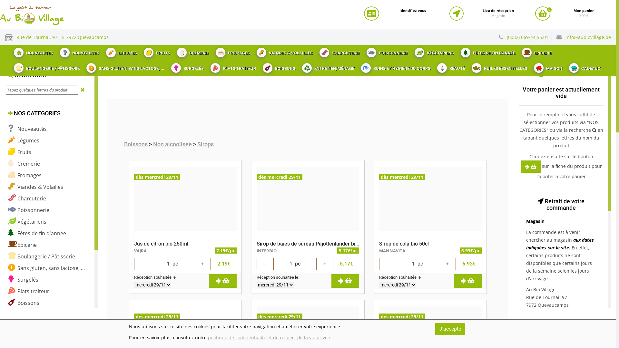 The width and height of the screenshot is (619, 348). I want to click on '0', so click(542, 14).